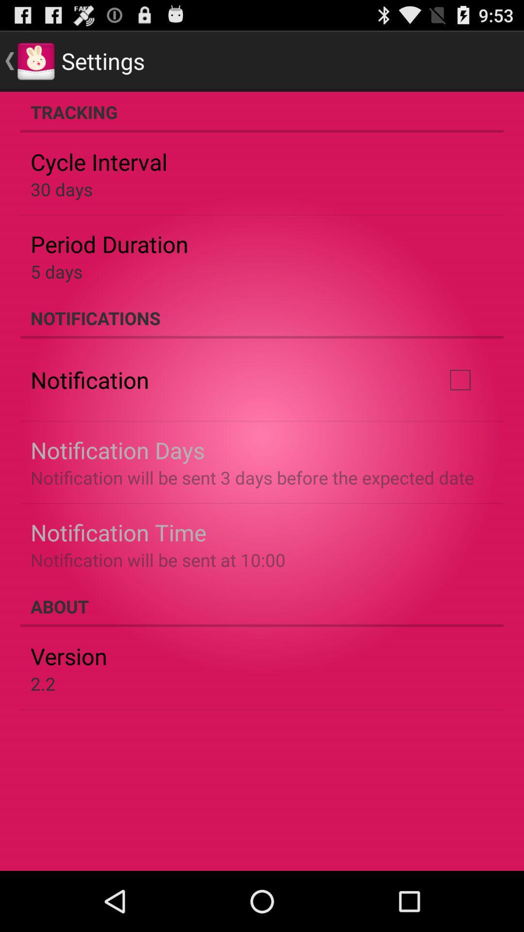  Describe the element at coordinates (99, 162) in the screenshot. I see `icon above 30 days app` at that location.